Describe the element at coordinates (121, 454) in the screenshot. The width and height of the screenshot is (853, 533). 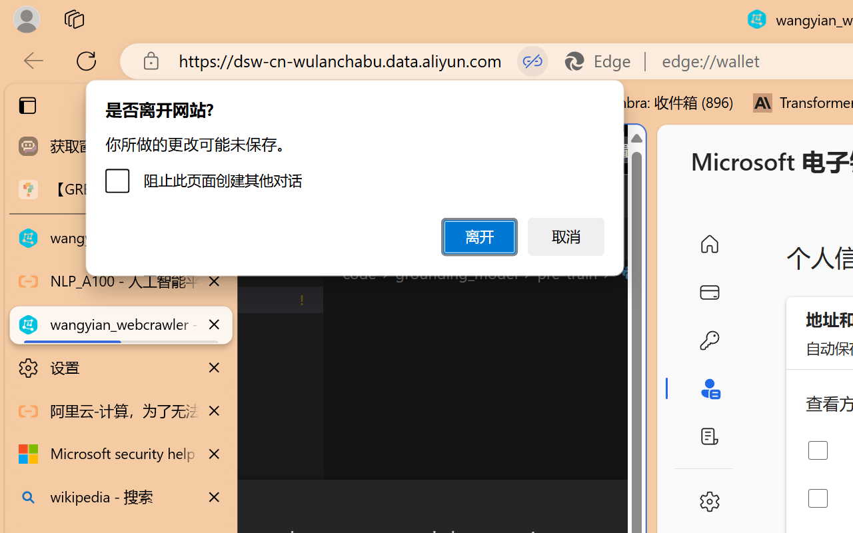
I see `'Microsoft security help and learning'` at that location.